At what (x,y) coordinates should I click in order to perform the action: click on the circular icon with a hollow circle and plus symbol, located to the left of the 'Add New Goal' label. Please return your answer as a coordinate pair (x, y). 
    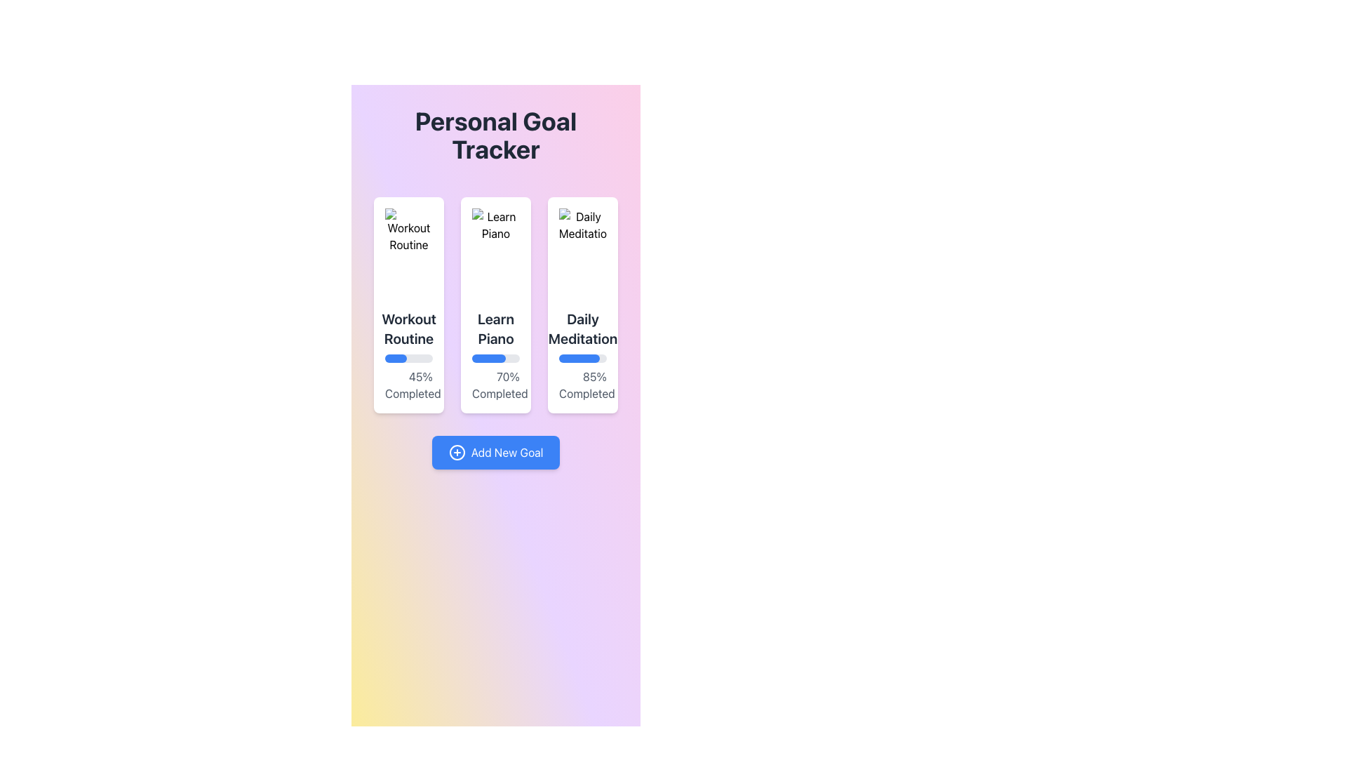
    Looking at the image, I should click on (457, 452).